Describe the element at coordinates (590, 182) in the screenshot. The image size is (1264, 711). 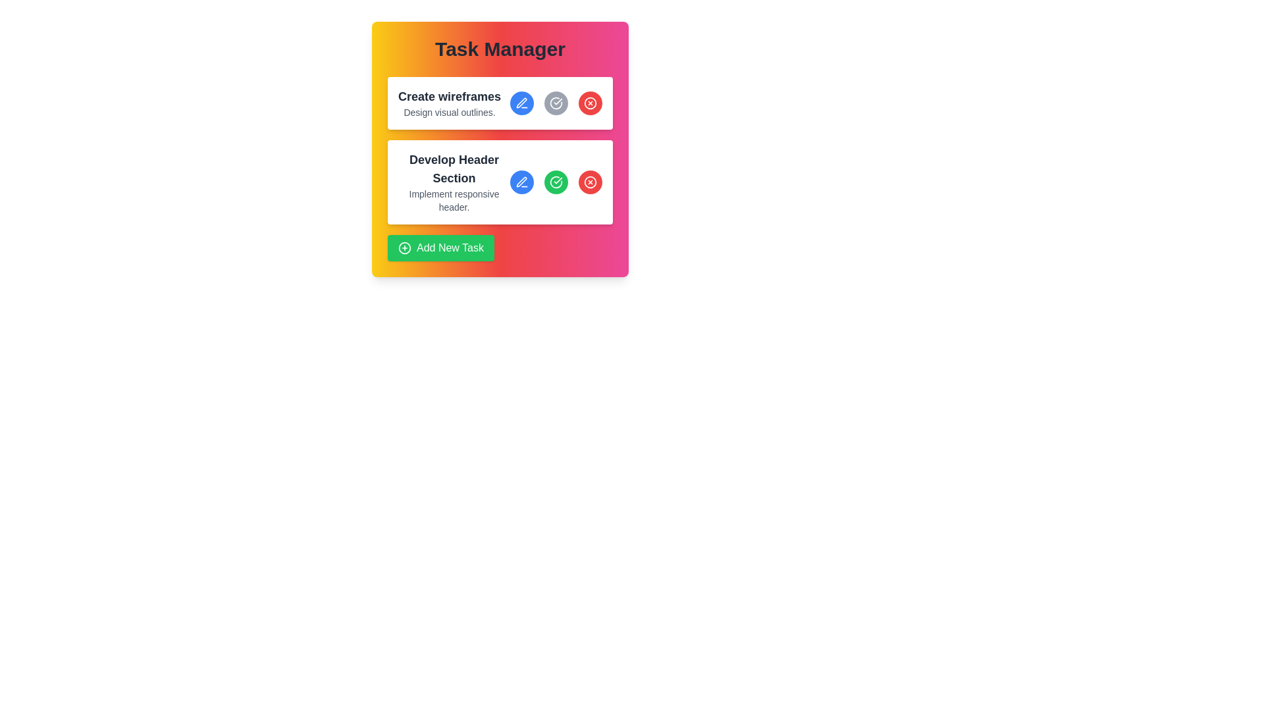
I see `the delete button located in the bottom-right section of the second task row titled 'Develop Header Section'` at that location.